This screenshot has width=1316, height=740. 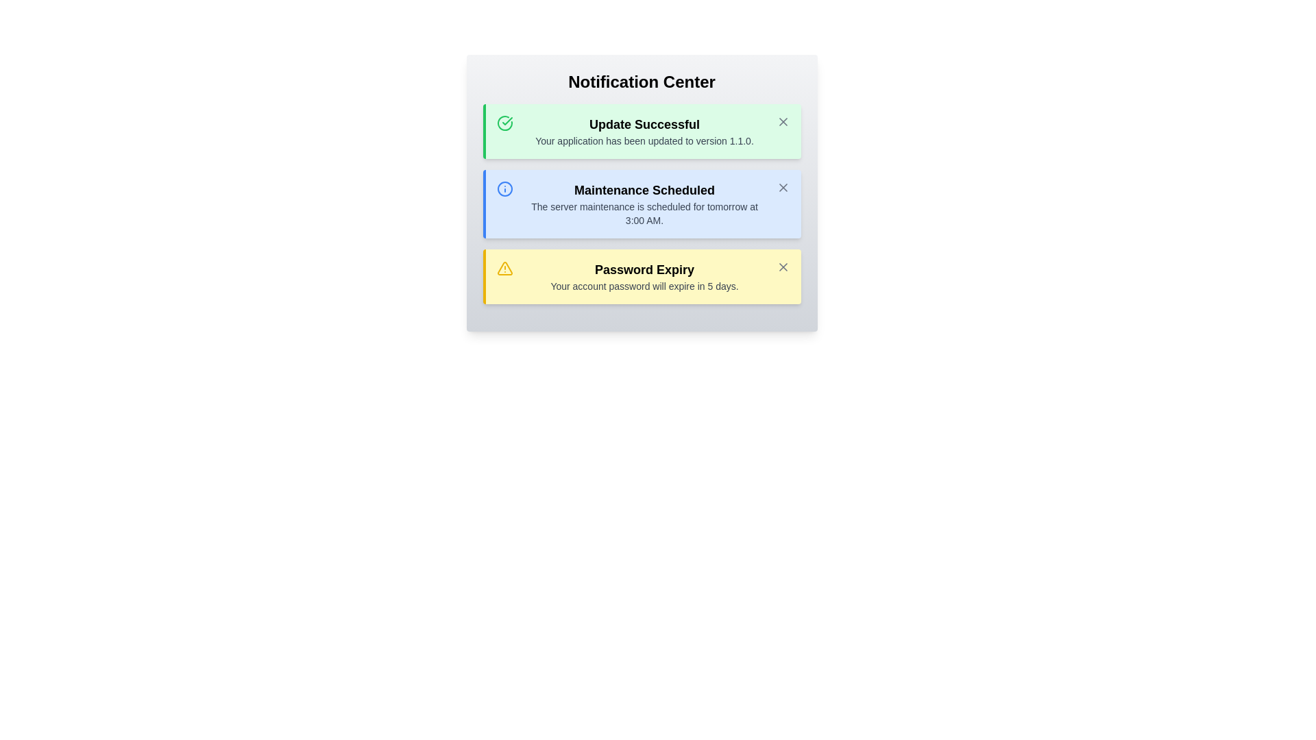 I want to click on the green circular icon indicating a successful operation within the 'Update Successful' notification box, so click(x=504, y=123).